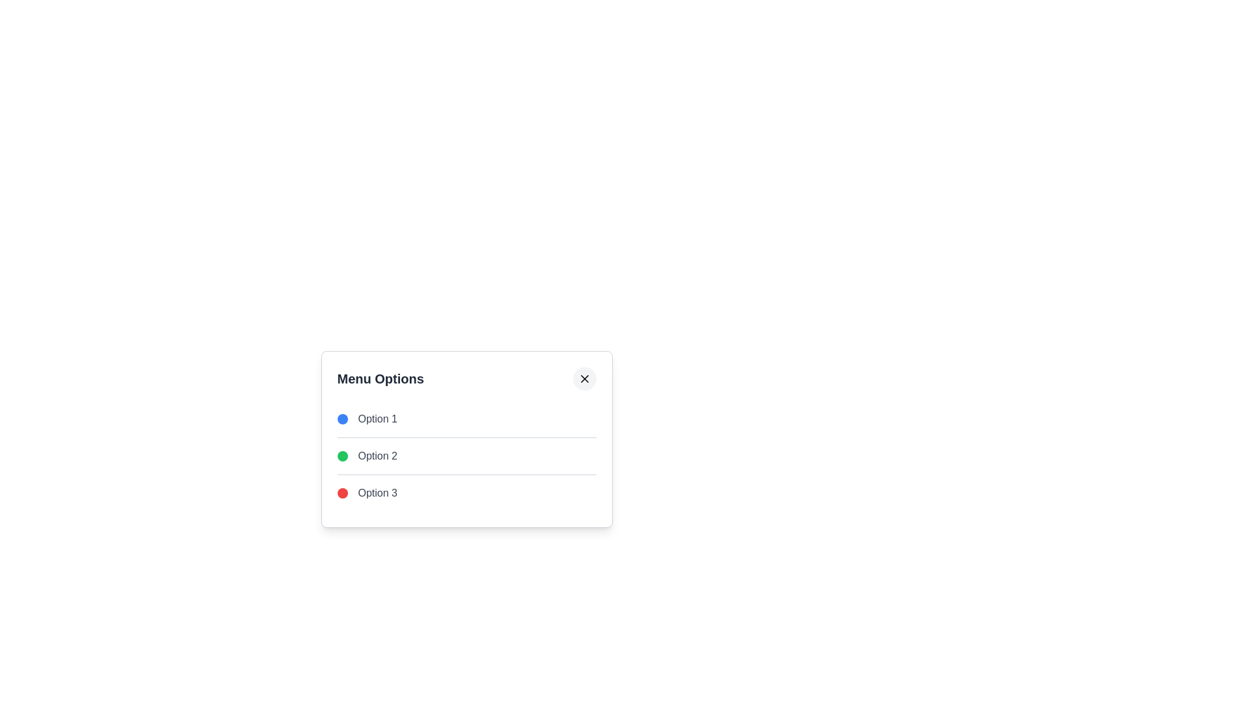  I want to click on the second diagonal line of the 'X' icon located in the top-right corner of the 'Menu Options' dialog box, so click(584, 378).